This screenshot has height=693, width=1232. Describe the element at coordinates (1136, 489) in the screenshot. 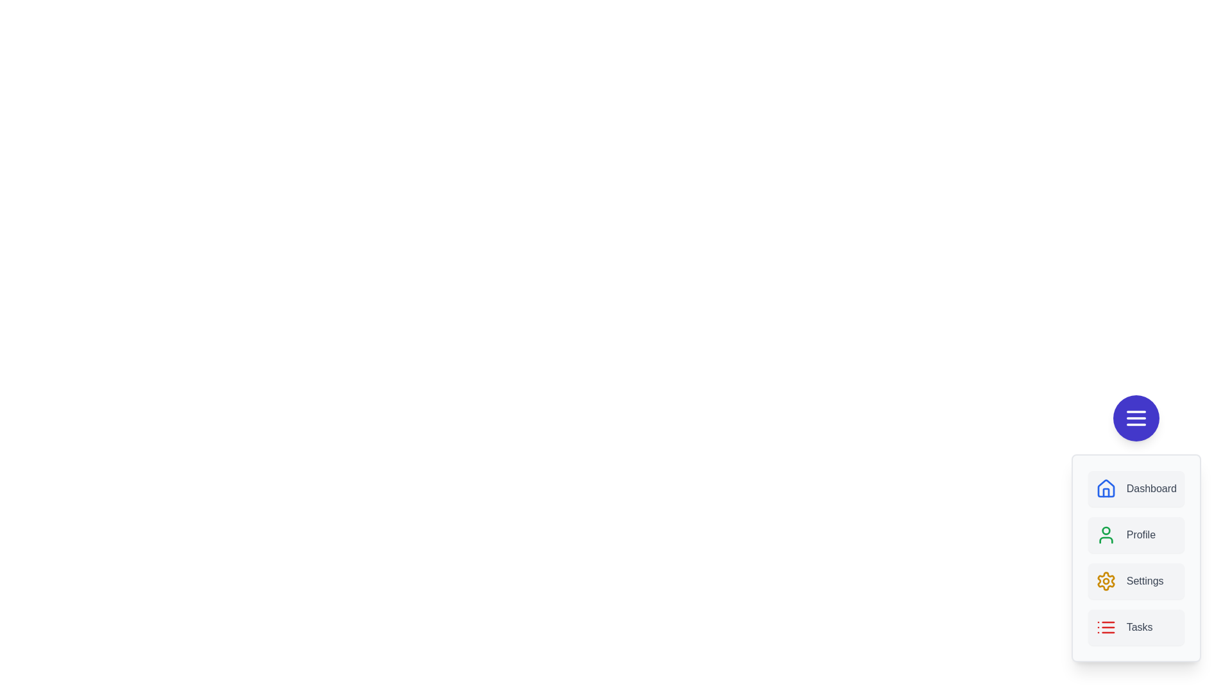

I see `the menu item labeled Dashboard to observe visual feedback` at that location.